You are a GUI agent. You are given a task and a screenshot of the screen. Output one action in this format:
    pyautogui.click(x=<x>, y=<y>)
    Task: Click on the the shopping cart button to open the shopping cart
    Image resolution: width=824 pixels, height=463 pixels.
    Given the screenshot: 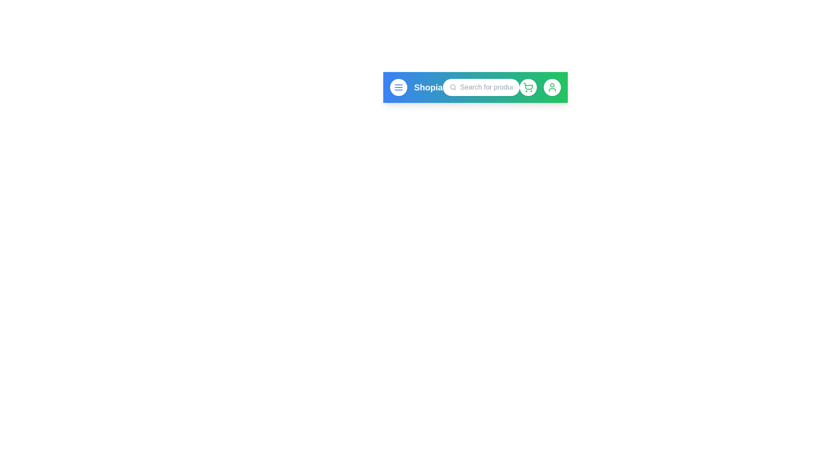 What is the action you would take?
    pyautogui.click(x=527, y=87)
    